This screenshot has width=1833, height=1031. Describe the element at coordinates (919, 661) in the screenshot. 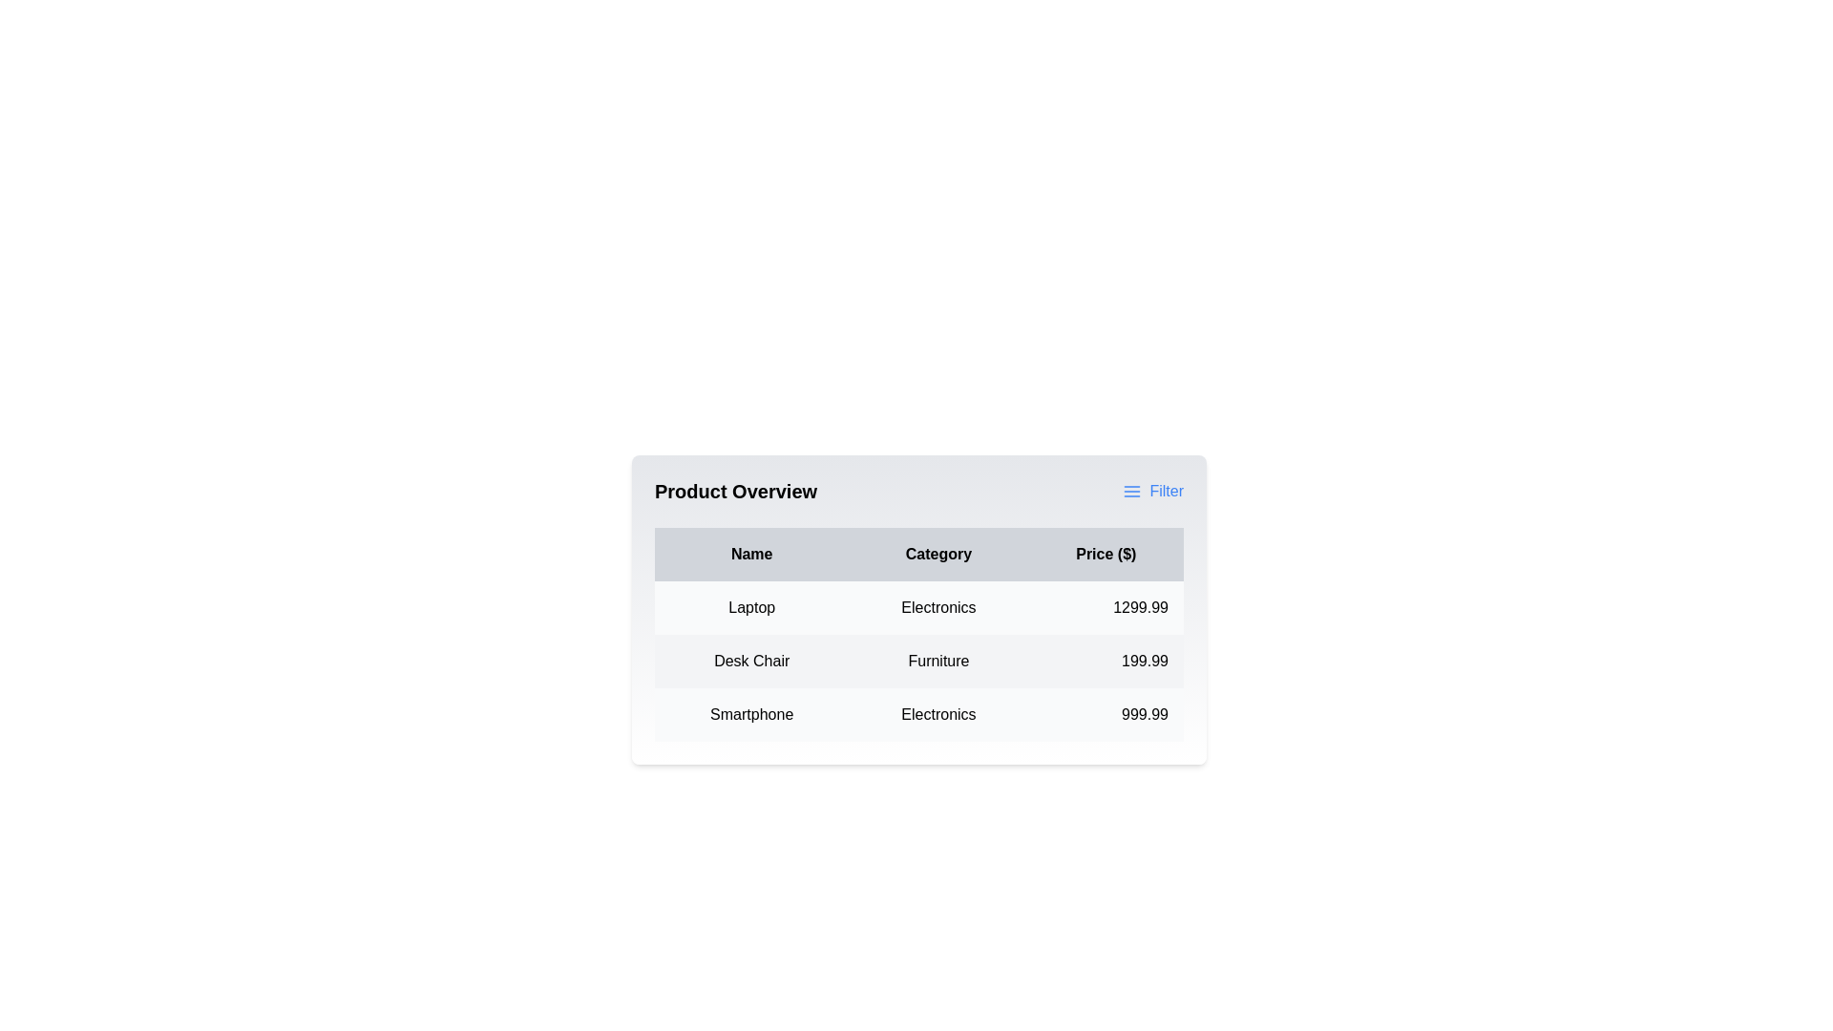

I see `the second row of the data table under the 'Product Overview' header, which contains 'Desk Chair', 'Furniture', and '199.99'` at that location.